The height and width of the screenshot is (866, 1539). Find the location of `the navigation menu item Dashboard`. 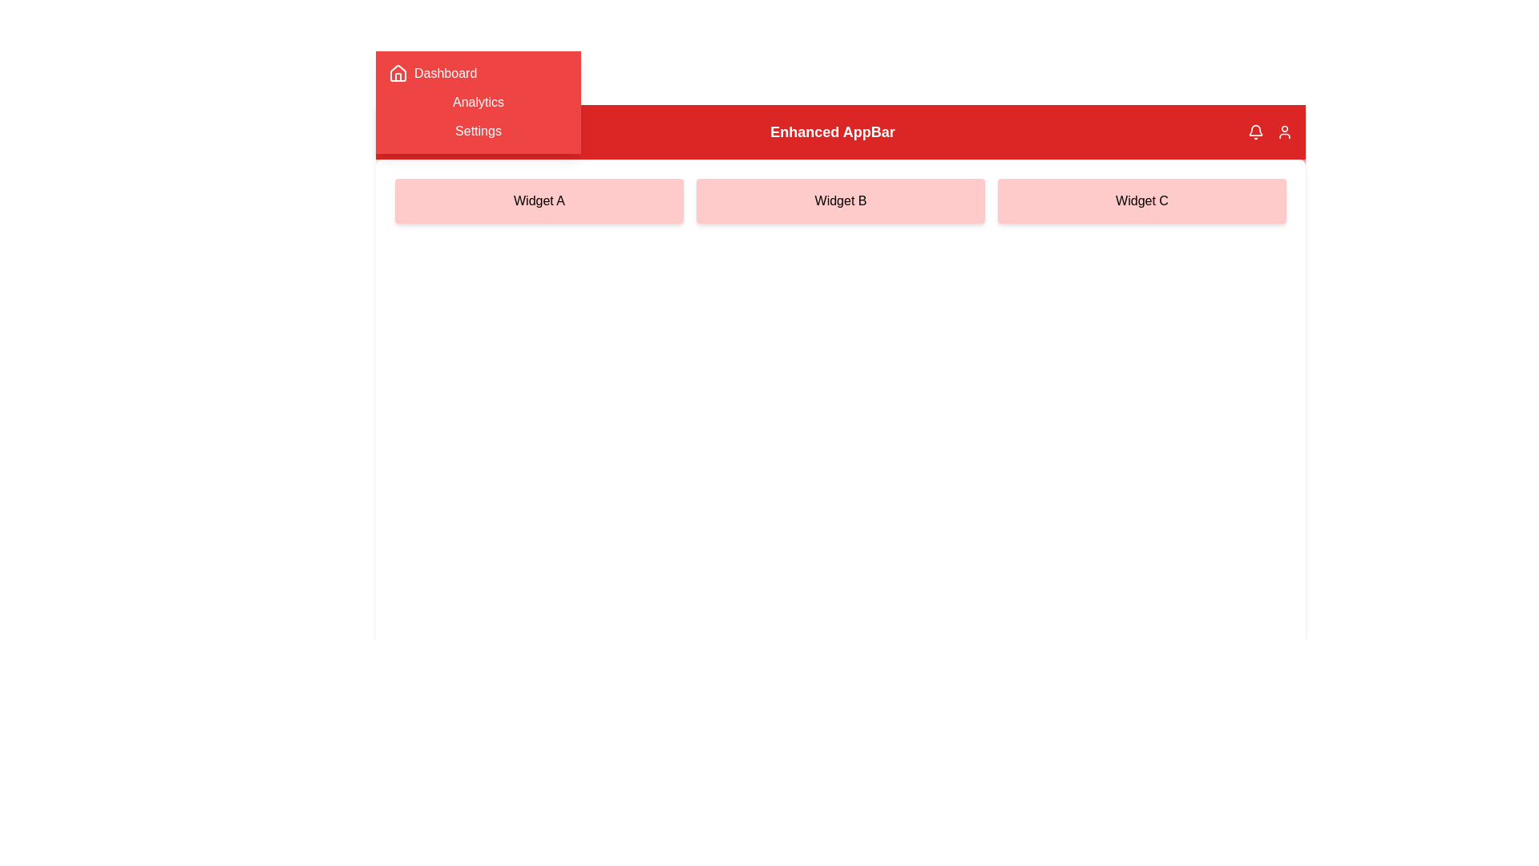

the navigation menu item Dashboard is located at coordinates (477, 74).